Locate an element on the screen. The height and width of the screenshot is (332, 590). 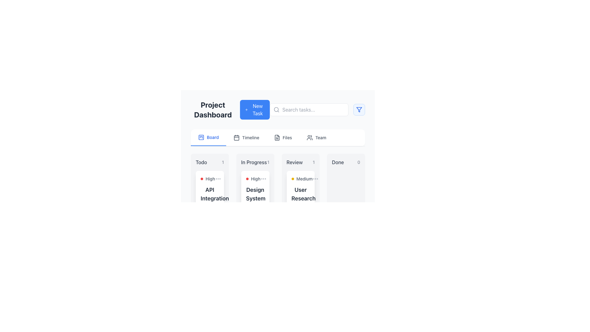
the text label titled 'Design System Updates' that identifies the task within the card interface under the 'In Progress' column is located at coordinates (255, 198).